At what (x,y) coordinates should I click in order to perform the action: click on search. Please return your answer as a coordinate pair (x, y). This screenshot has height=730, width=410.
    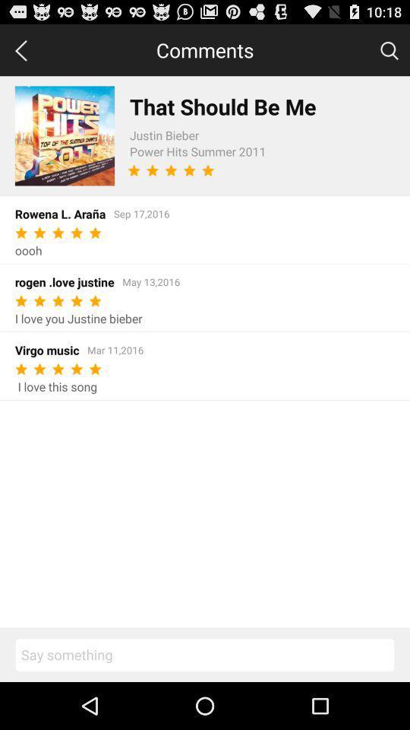
    Looking at the image, I should click on (389, 49).